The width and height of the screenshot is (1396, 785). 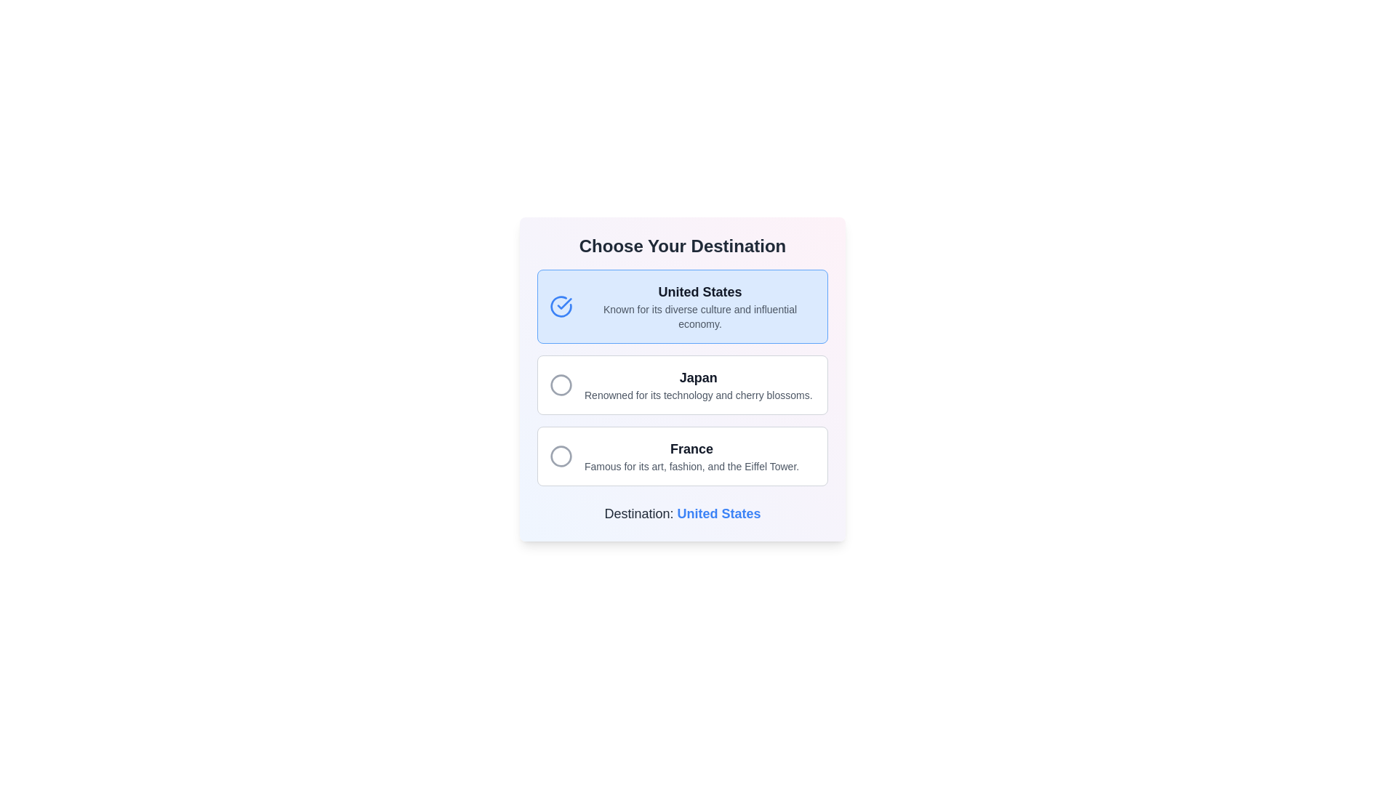 What do you see at coordinates (691, 466) in the screenshot?
I see `the text label providing additional information about the destination 'France', located directly below the text 'France' within an outlined choice box` at bounding box center [691, 466].